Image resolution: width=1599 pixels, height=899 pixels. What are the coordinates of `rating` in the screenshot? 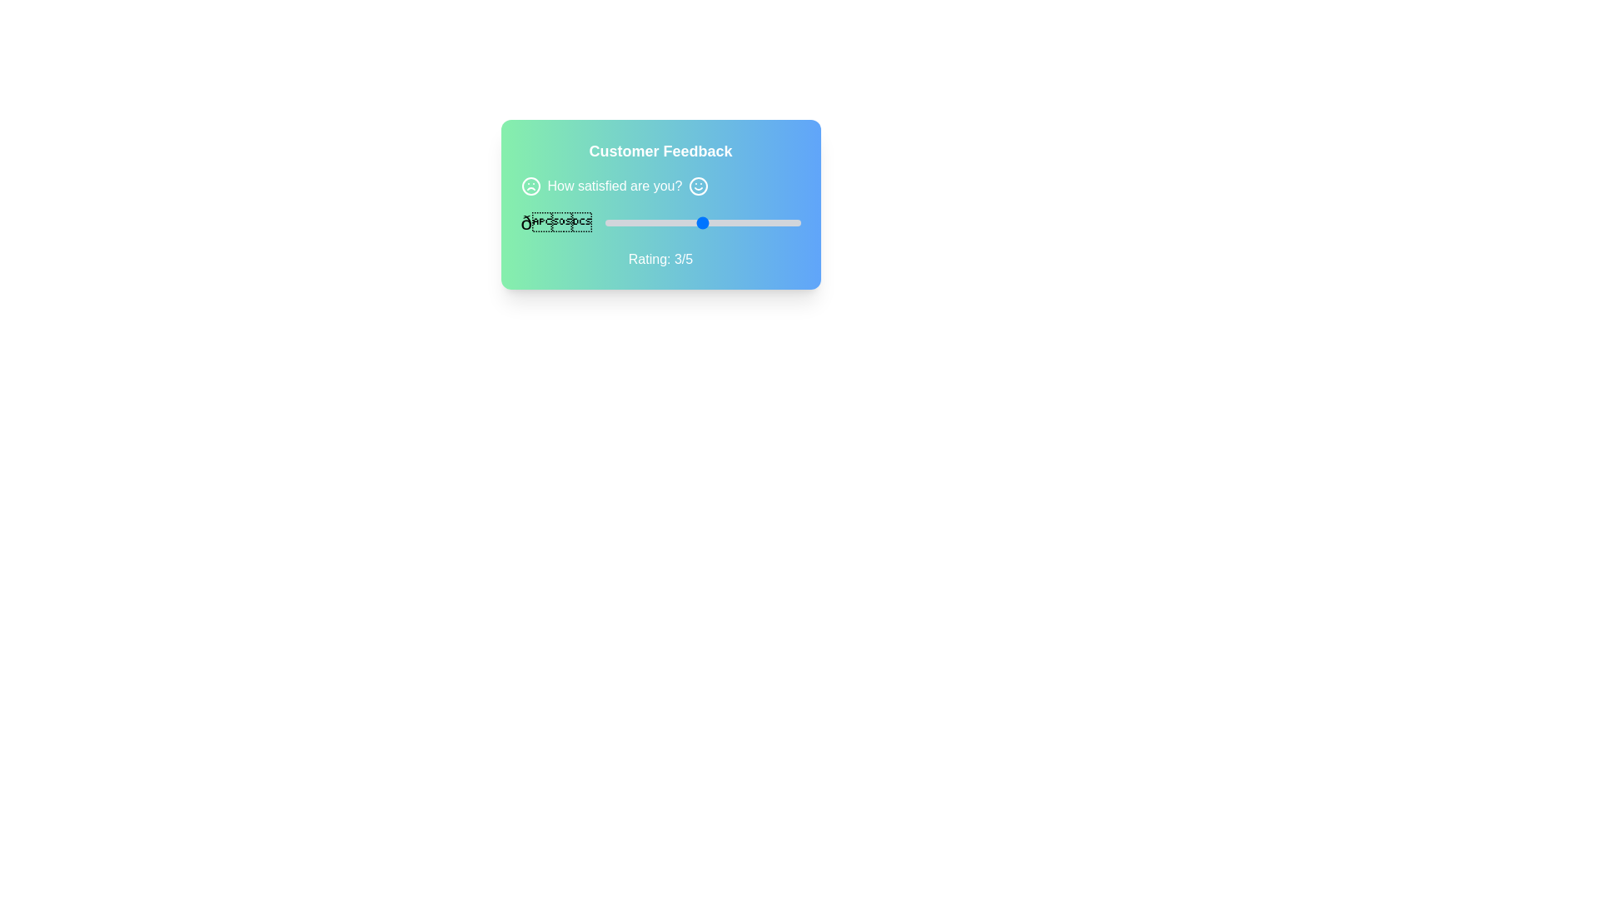 It's located at (604, 221).